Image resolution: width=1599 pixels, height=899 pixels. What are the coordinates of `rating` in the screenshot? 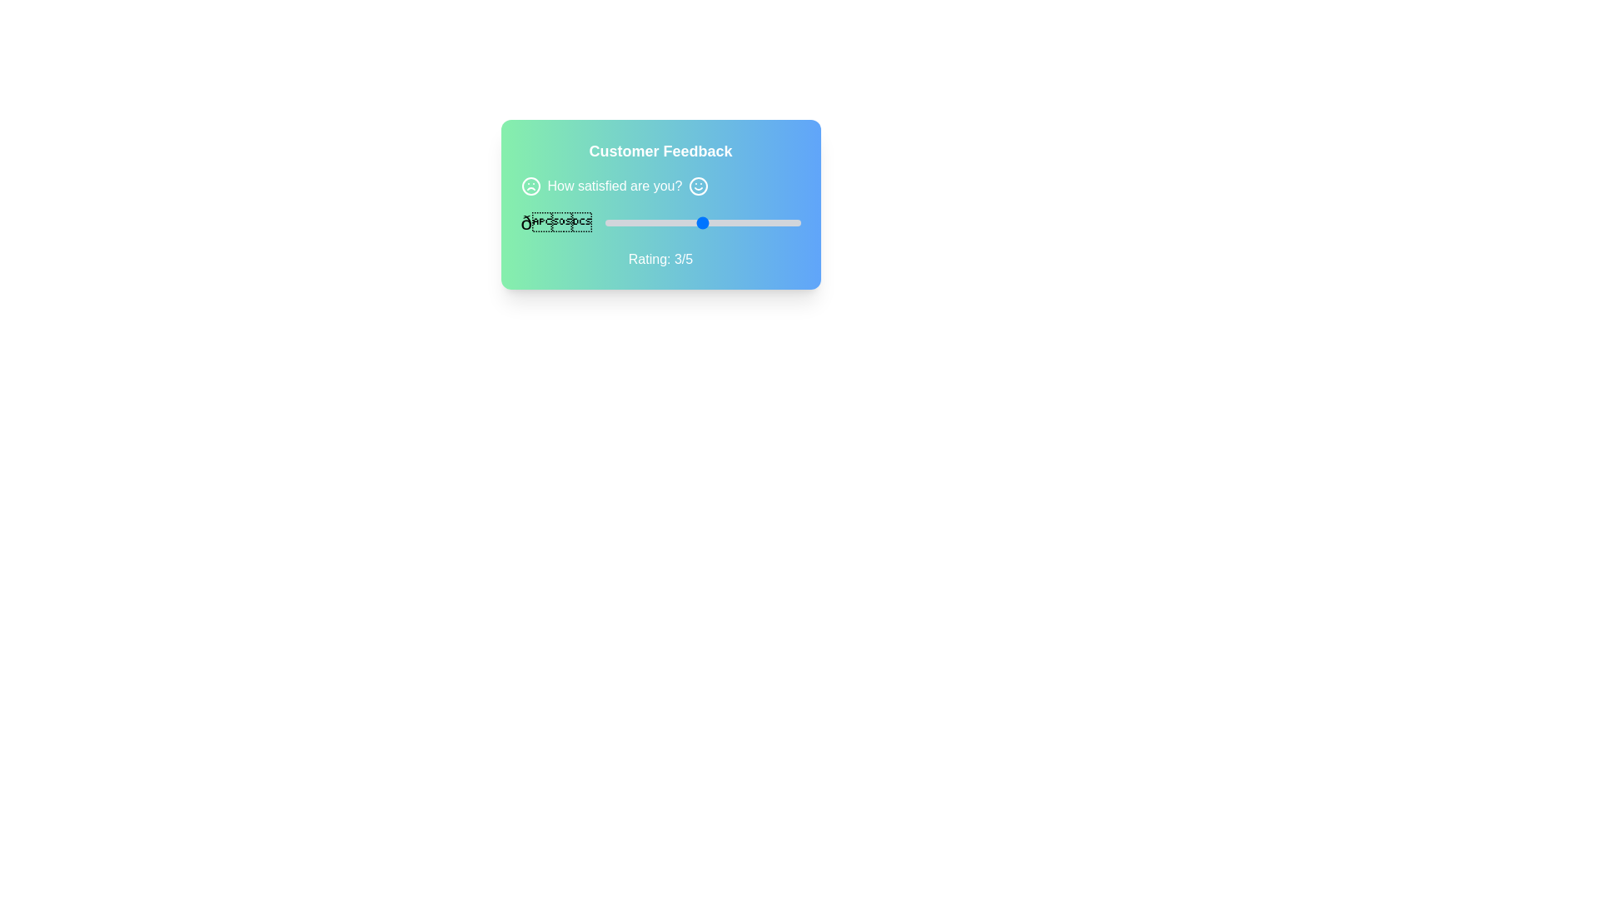 It's located at (604, 221).